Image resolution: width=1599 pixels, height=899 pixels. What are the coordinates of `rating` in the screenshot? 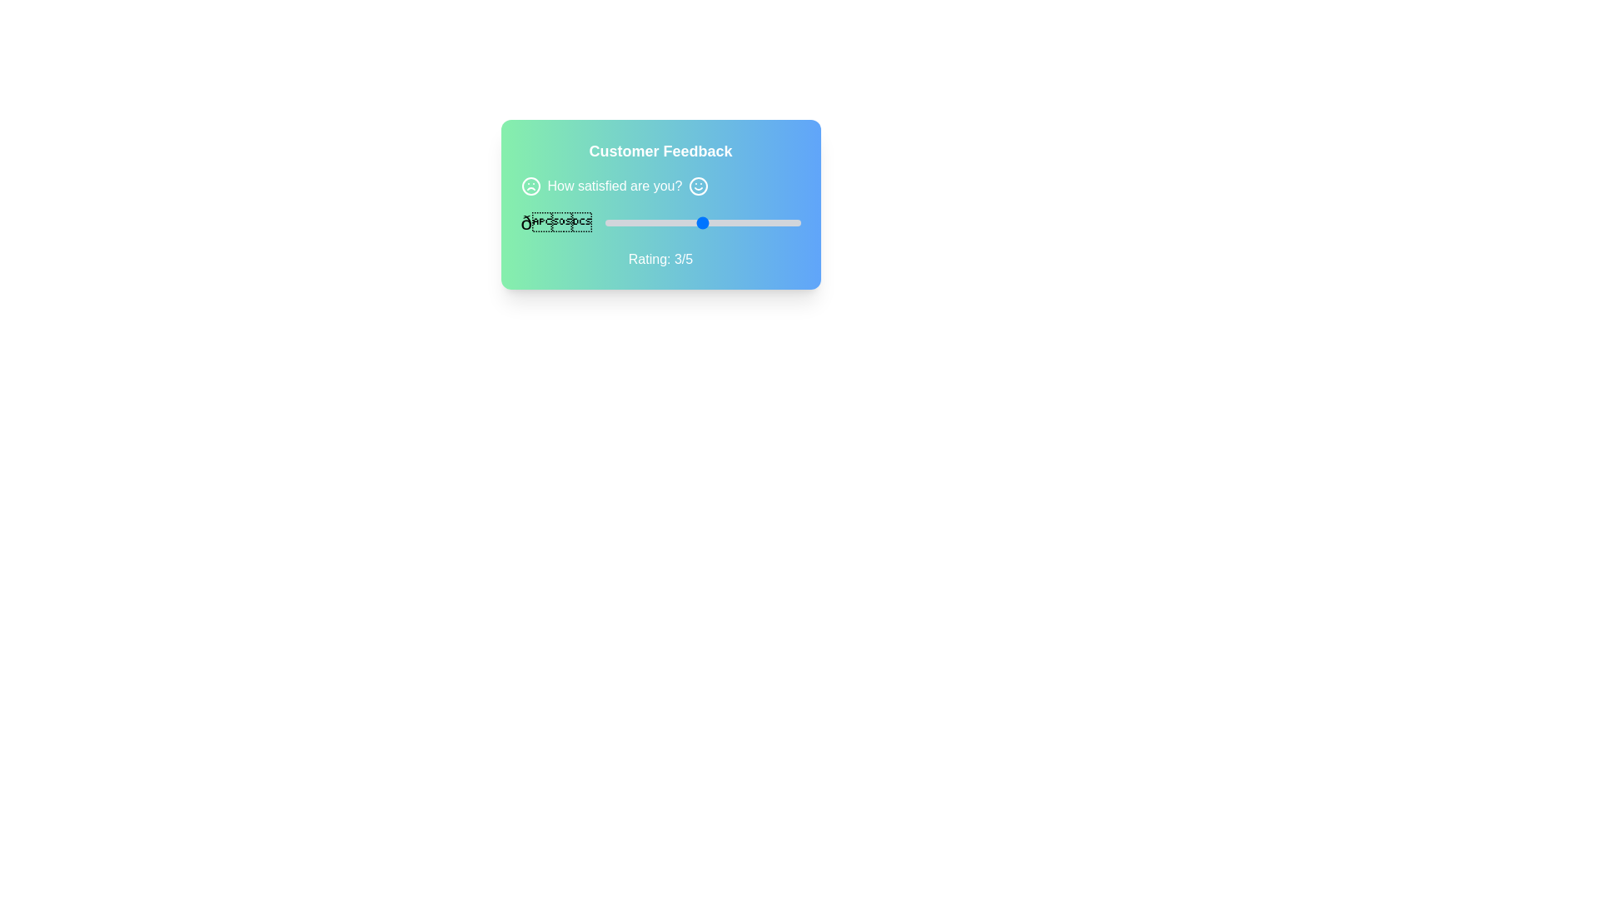 It's located at (604, 221).